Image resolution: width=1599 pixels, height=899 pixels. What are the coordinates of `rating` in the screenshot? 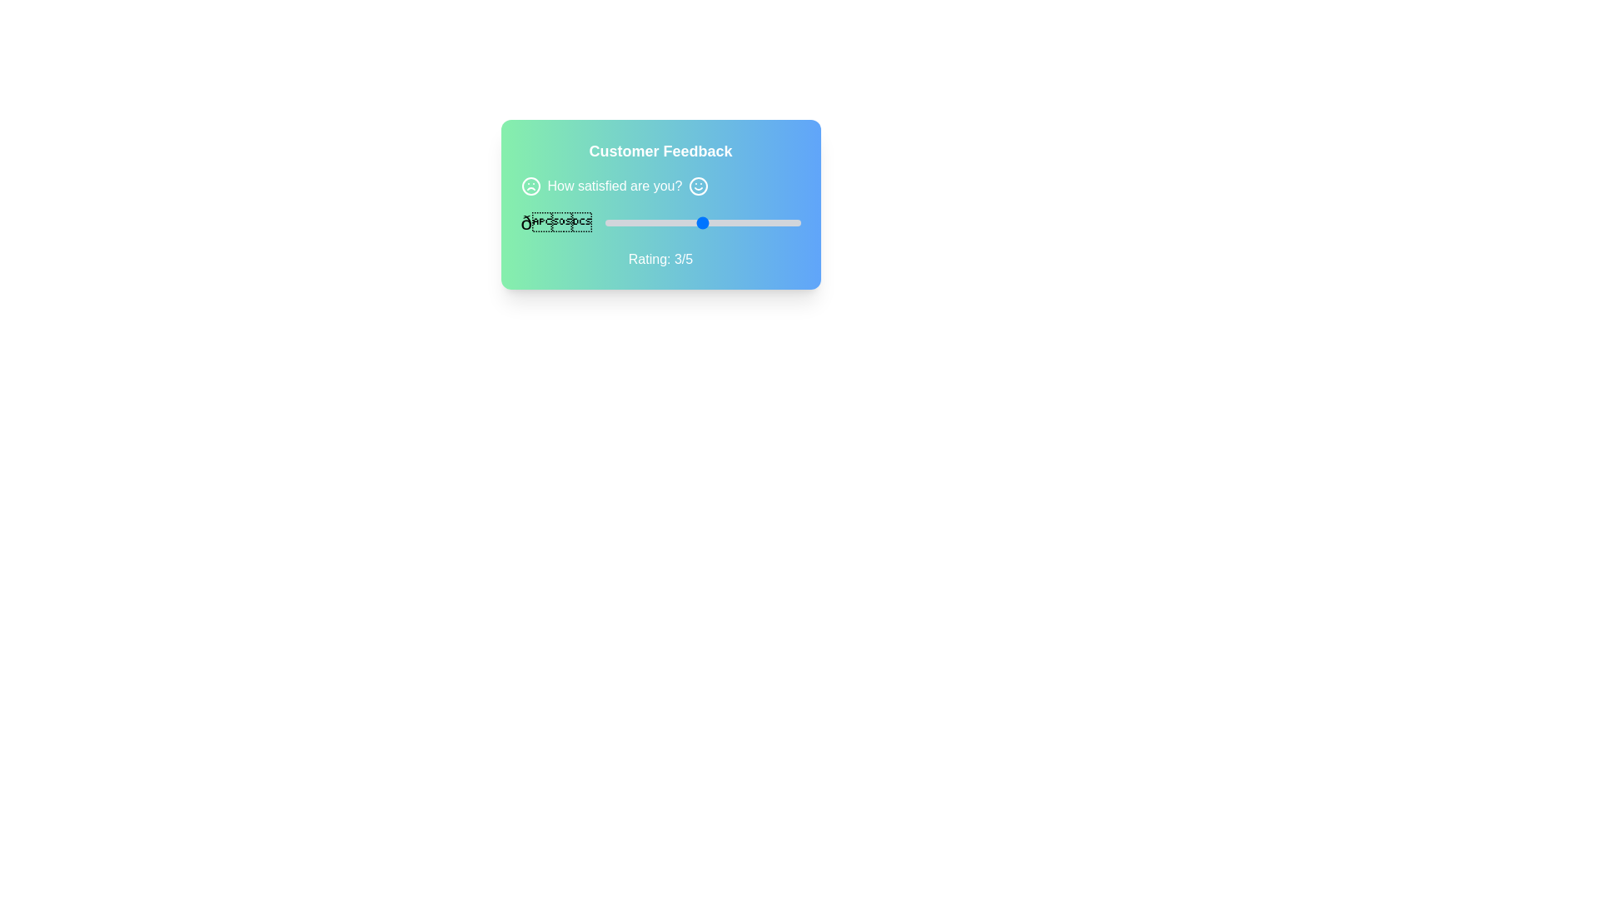 It's located at (604, 221).